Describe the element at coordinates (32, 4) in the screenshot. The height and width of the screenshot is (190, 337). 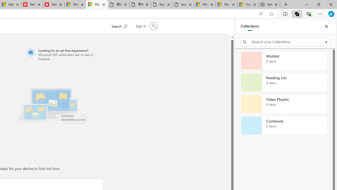
I see `'Newsweek - News, Analysis, Politics, Business, Technology'` at that location.